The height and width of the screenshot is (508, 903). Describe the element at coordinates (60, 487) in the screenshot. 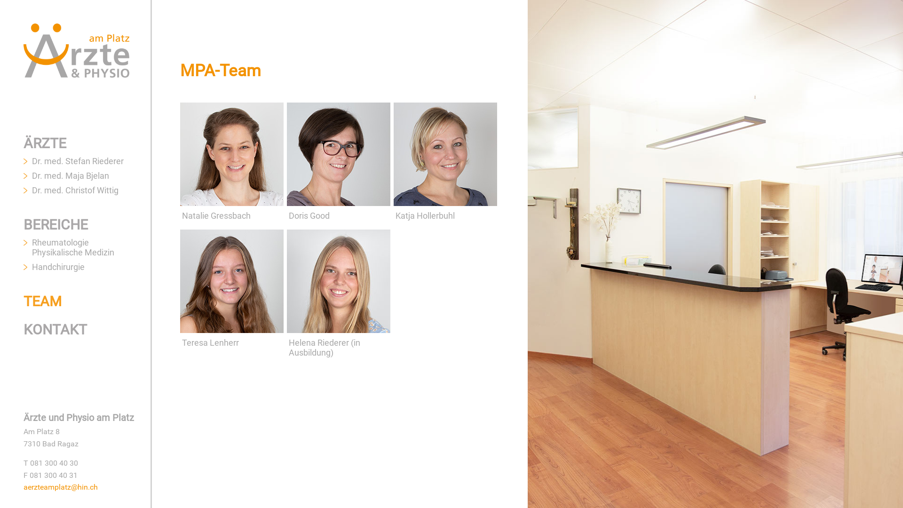

I see `'aerzteamplatz@hin.ch'` at that location.